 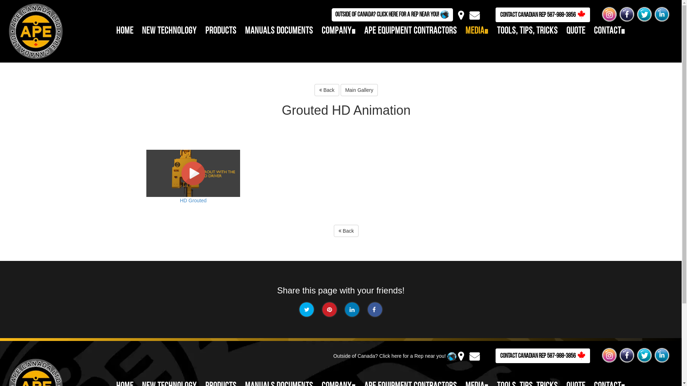 What do you see at coordinates (542, 356) in the screenshot?
I see `'Contact Canadian Rep 587-988-3856'` at bounding box center [542, 356].